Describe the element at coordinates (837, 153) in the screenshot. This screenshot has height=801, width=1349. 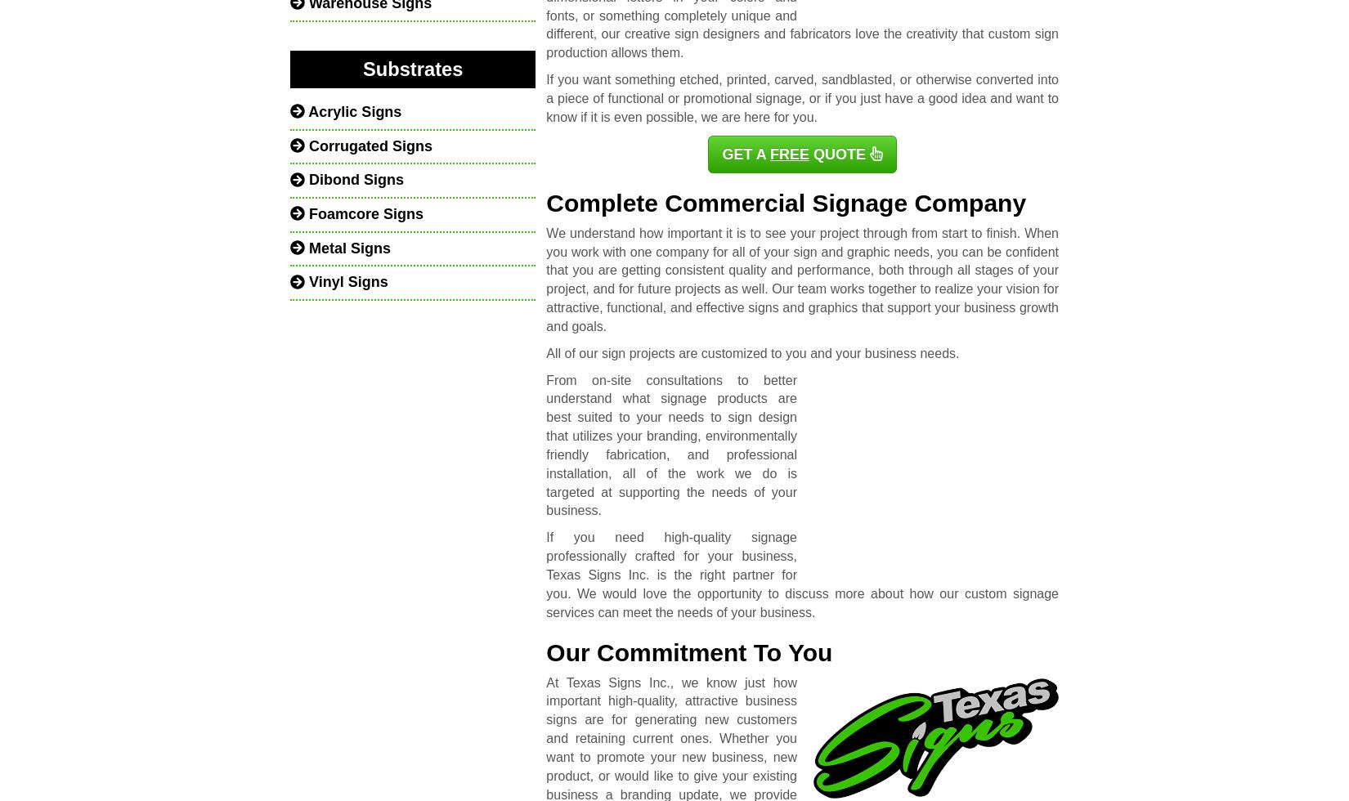
I see `'QUOTE'` at that location.